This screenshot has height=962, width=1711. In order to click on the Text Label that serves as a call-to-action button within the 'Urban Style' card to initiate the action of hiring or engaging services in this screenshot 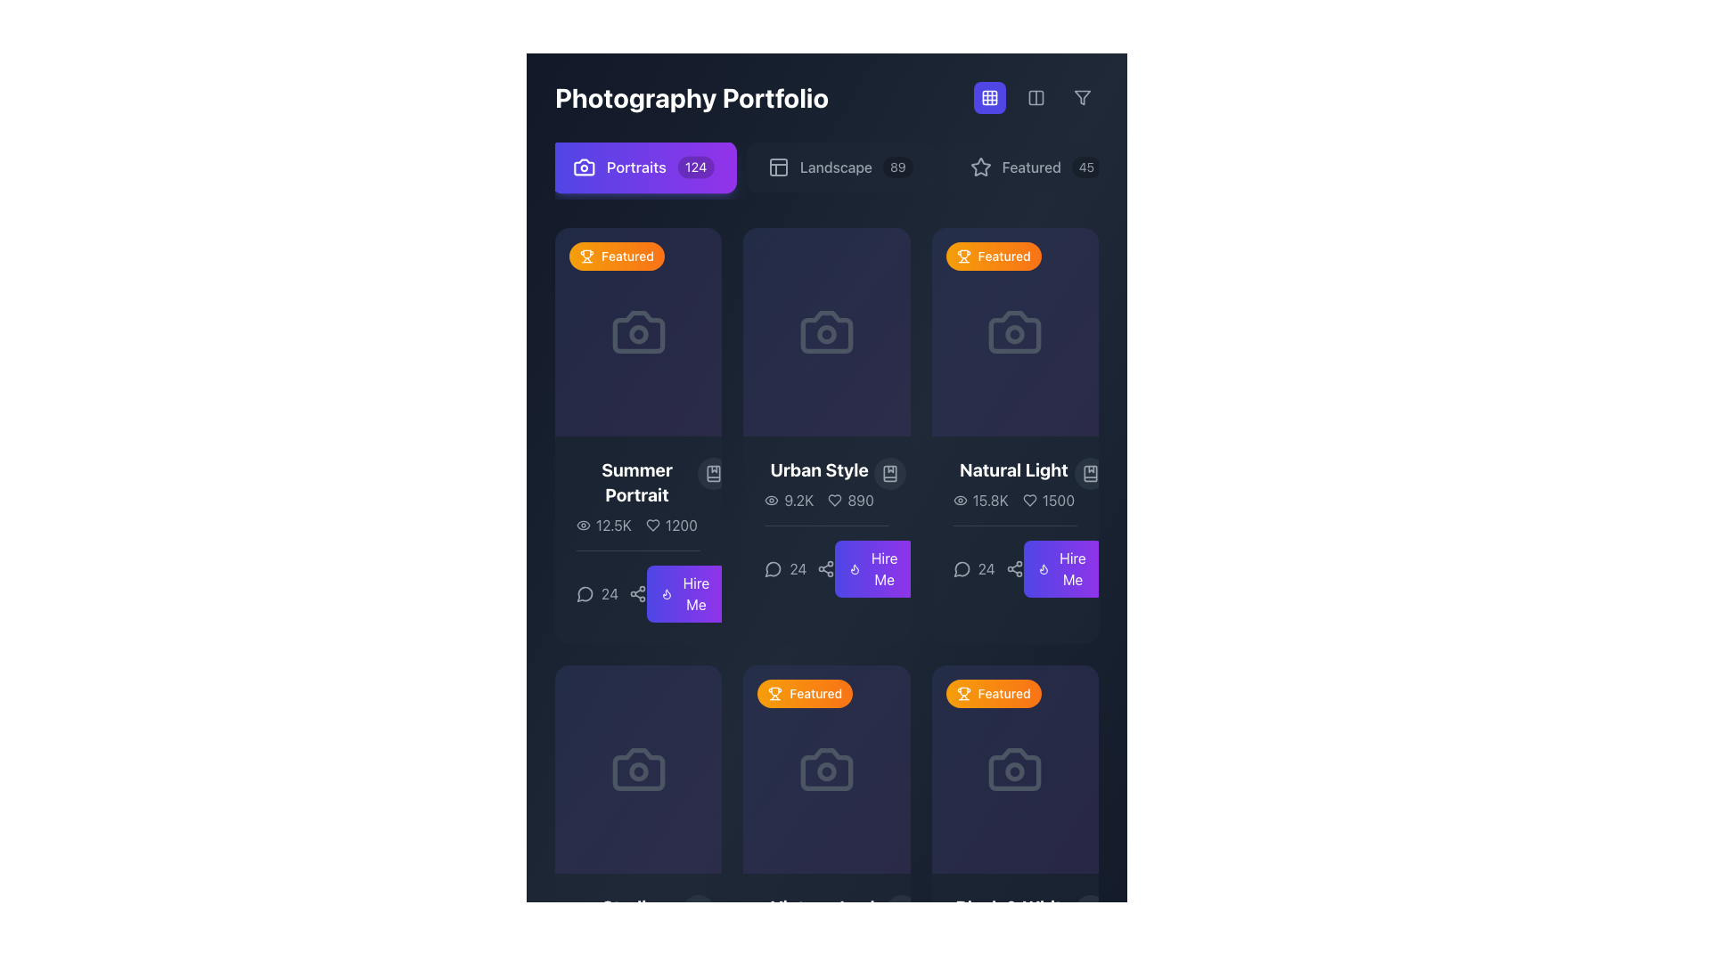, I will do `click(884, 569)`.